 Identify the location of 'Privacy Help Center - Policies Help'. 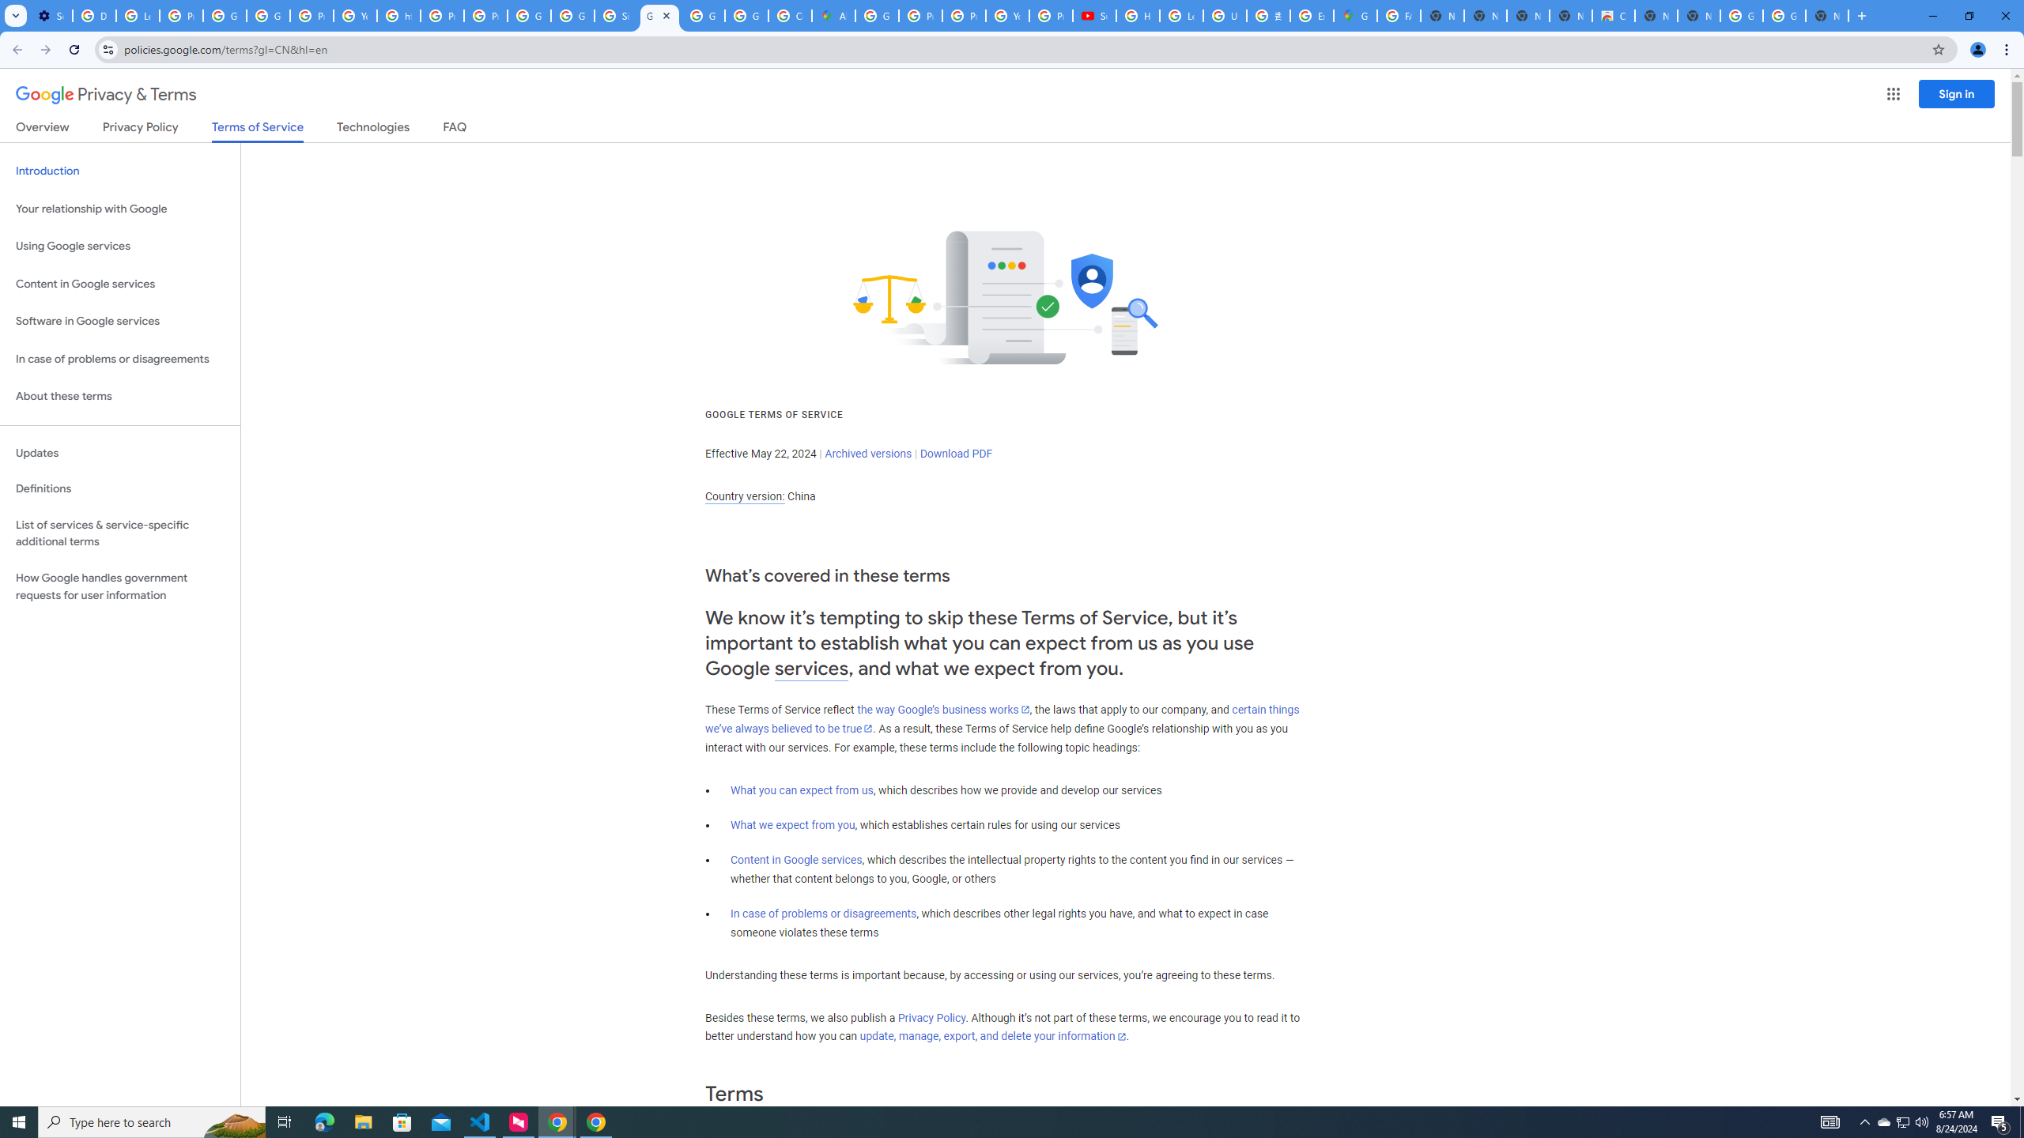
(963, 15).